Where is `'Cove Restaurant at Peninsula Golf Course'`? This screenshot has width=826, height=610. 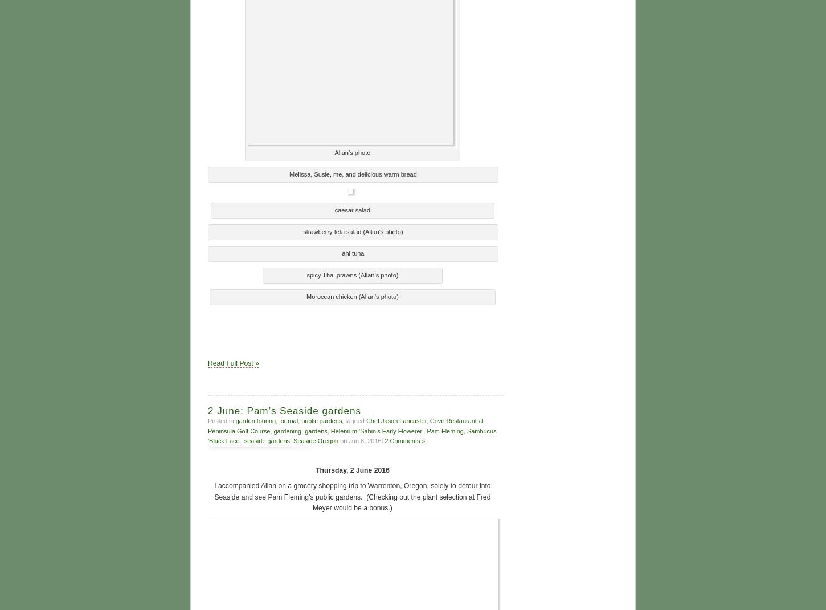 'Cove Restaurant at Peninsula Golf Course' is located at coordinates (345, 424).